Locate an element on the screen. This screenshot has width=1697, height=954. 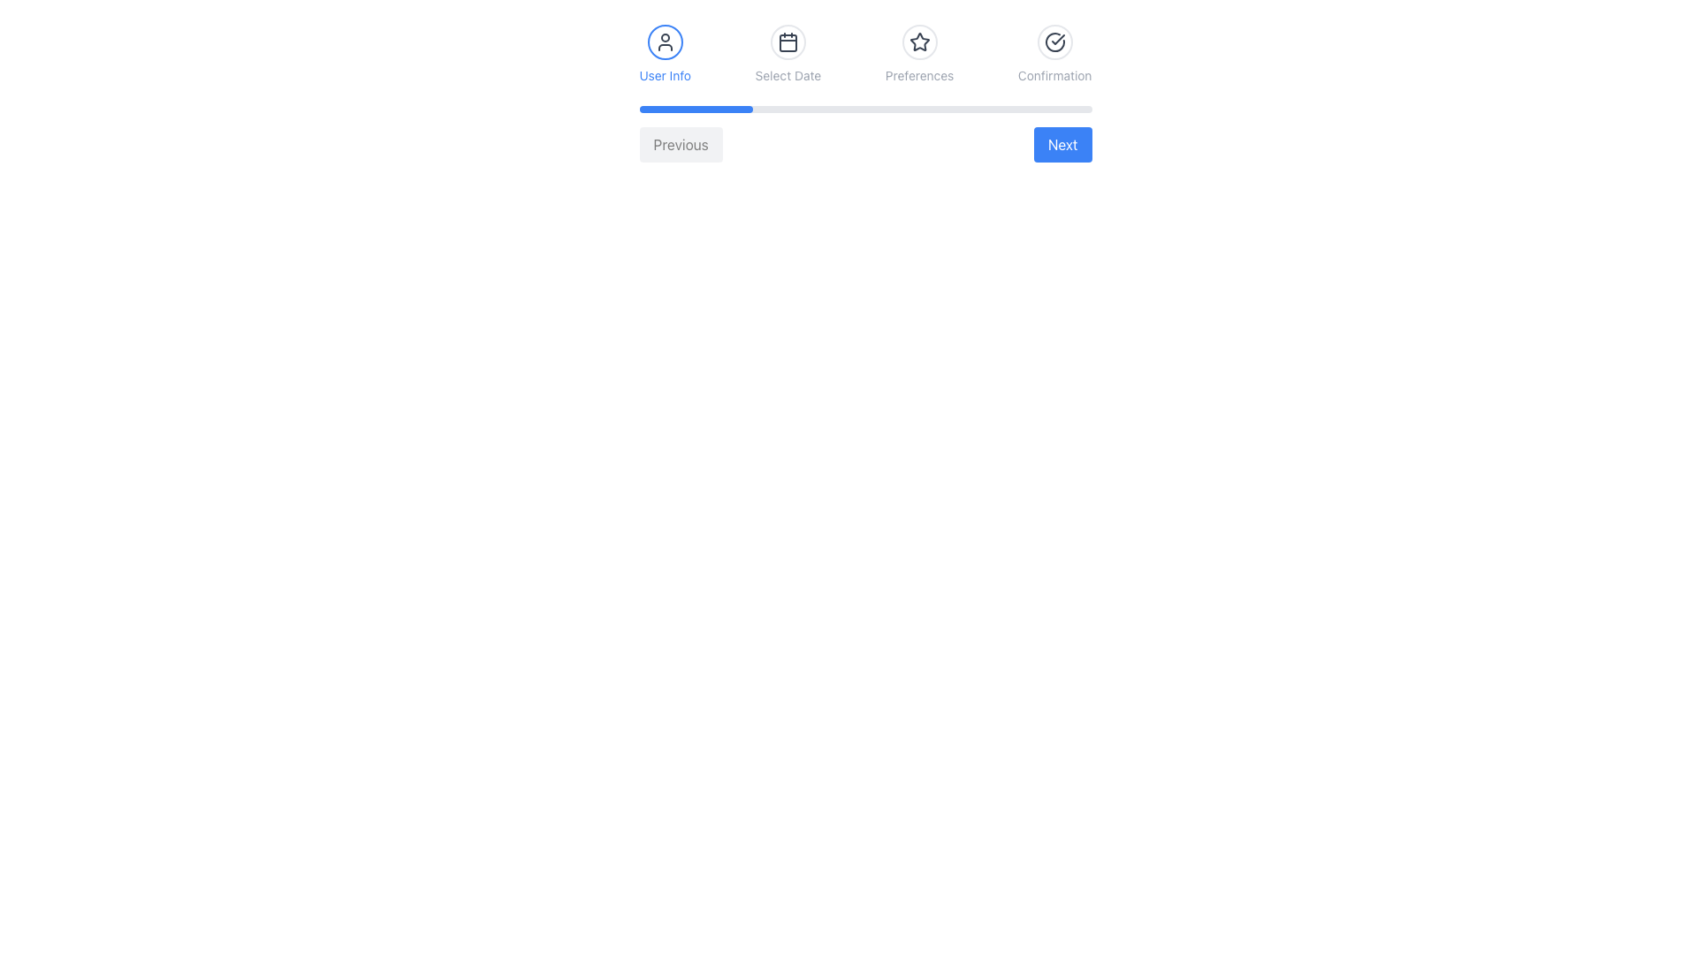
label of the Step Indicator, which displays the text 'Confirmation' below a checkmark icon within a circular border is located at coordinates (1054, 53).